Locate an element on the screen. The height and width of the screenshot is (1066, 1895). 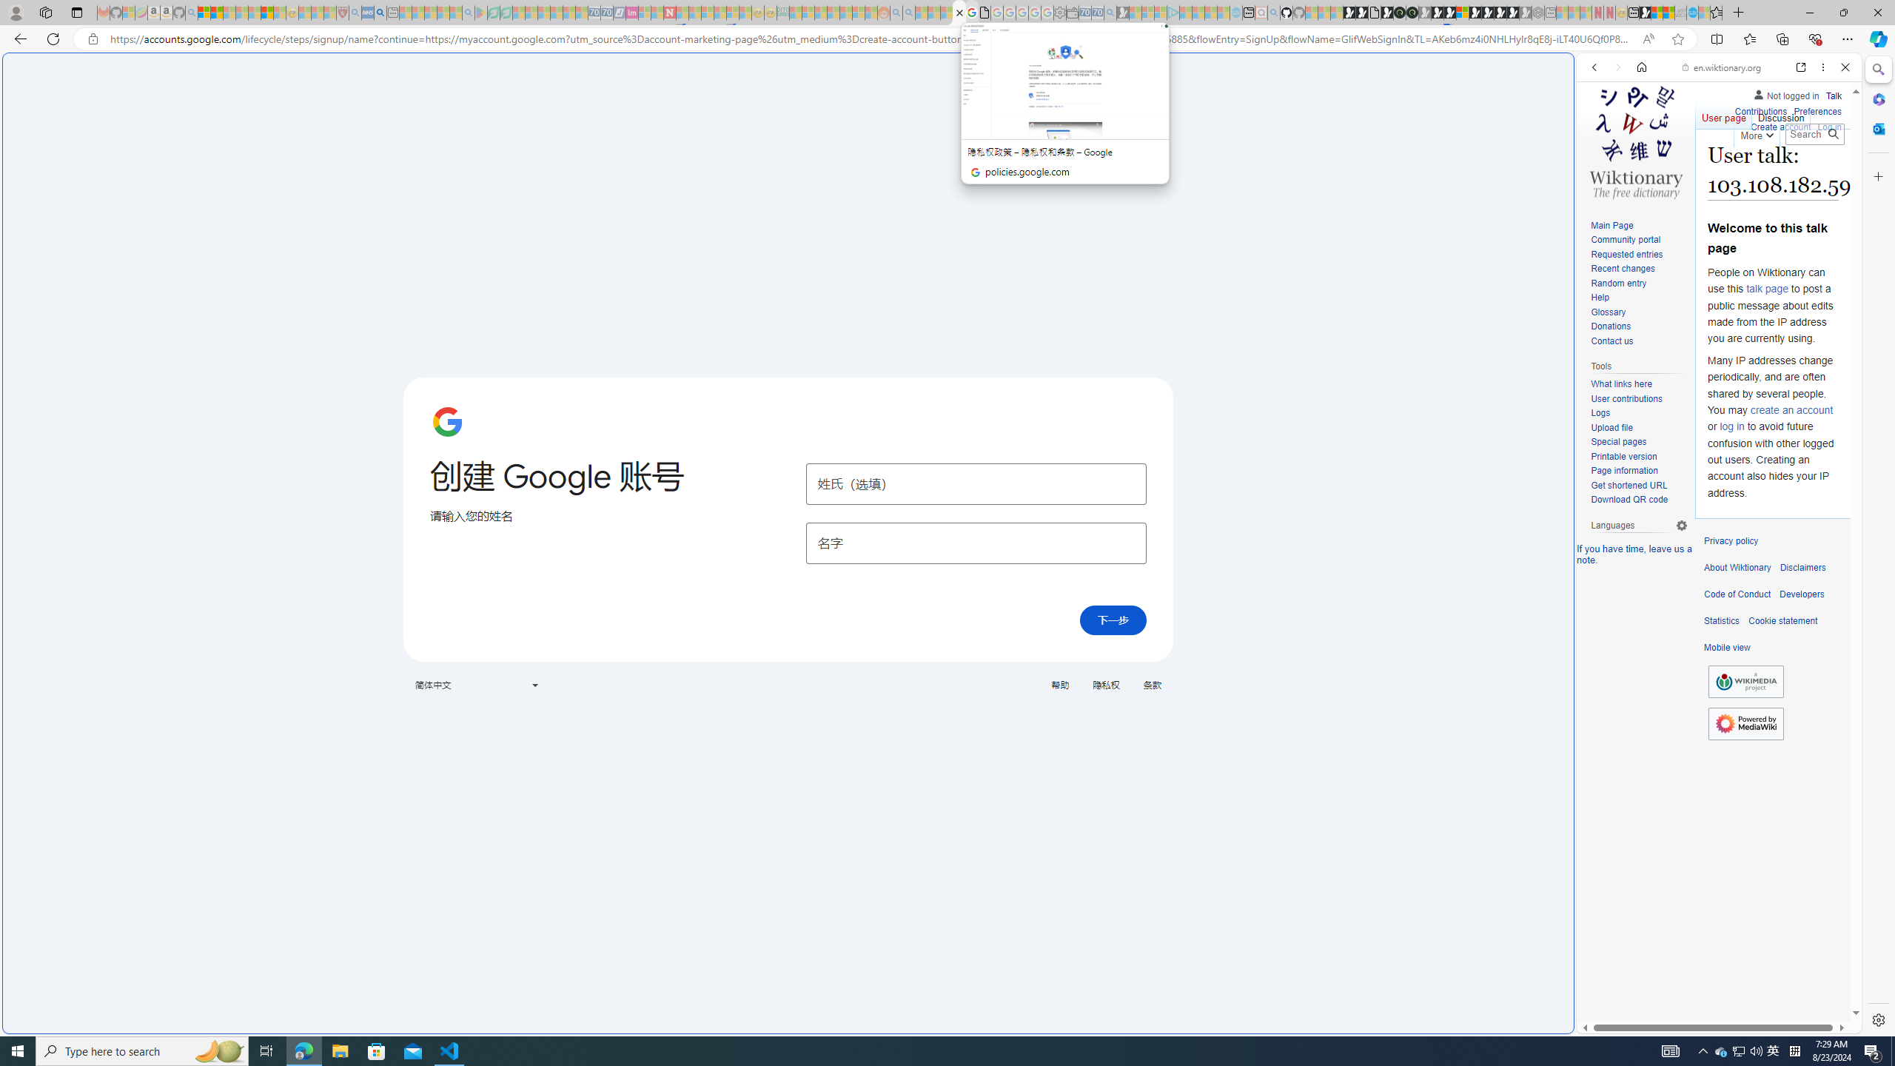
'Powered by MediaWiki' is located at coordinates (1746, 723).